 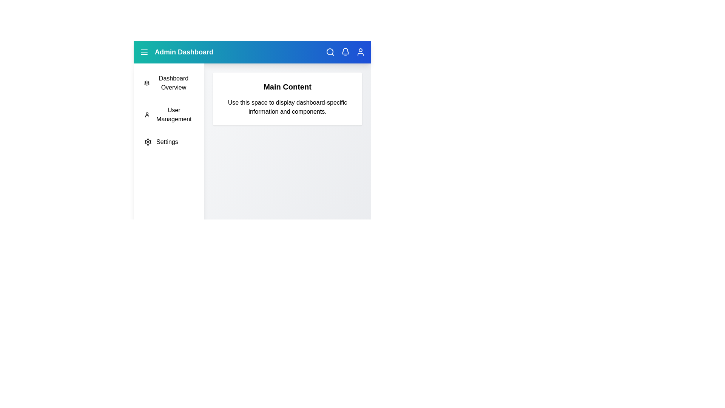 I want to click on the sidebar menu item 'Settings' to navigate to the corresponding section, so click(x=168, y=142).